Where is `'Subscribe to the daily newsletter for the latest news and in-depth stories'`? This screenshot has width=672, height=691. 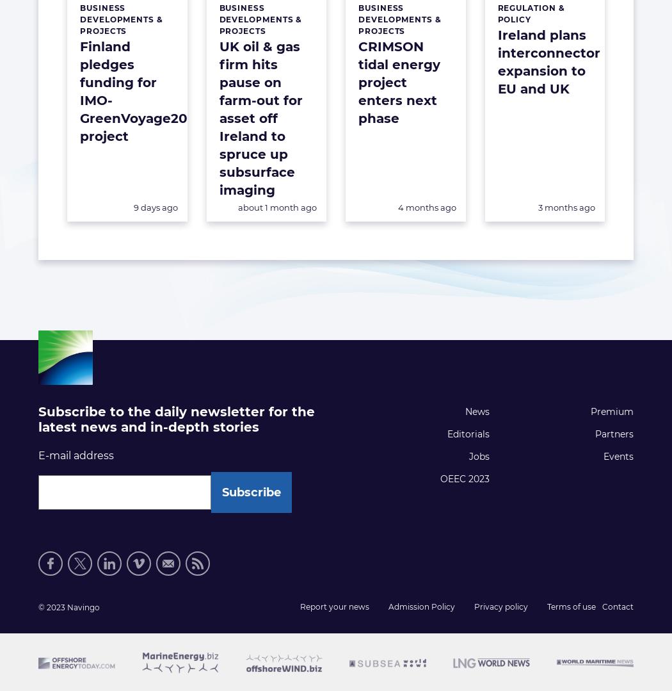
'Subscribe to the daily newsletter for the latest news and in-depth stories' is located at coordinates (176, 418).